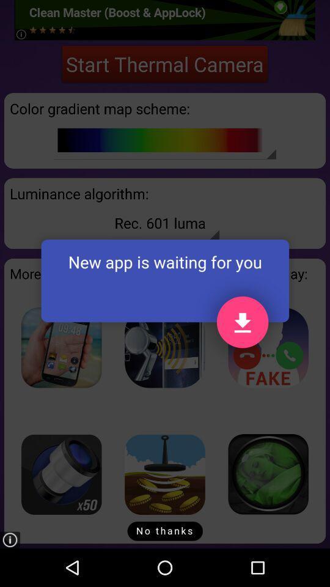 The height and width of the screenshot is (587, 330). What do you see at coordinates (164, 64) in the screenshot?
I see `the start thermal camera icon` at bounding box center [164, 64].